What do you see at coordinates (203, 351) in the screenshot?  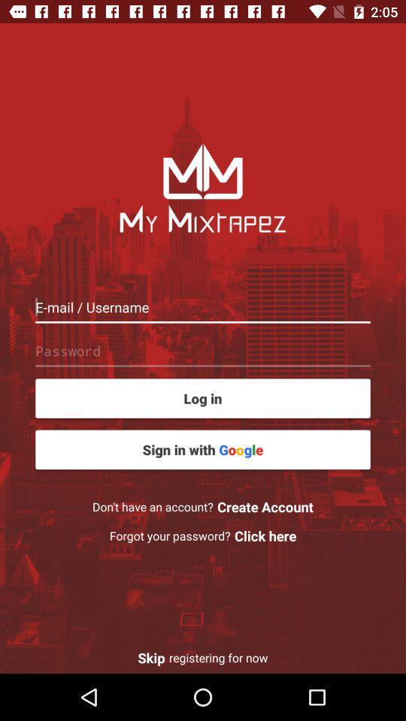 I see `password` at bounding box center [203, 351].